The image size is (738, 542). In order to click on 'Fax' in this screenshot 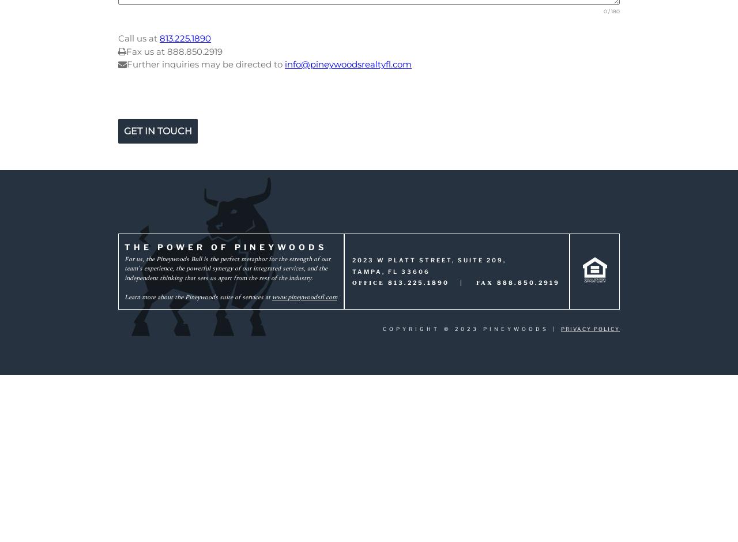, I will do `click(486, 283)`.